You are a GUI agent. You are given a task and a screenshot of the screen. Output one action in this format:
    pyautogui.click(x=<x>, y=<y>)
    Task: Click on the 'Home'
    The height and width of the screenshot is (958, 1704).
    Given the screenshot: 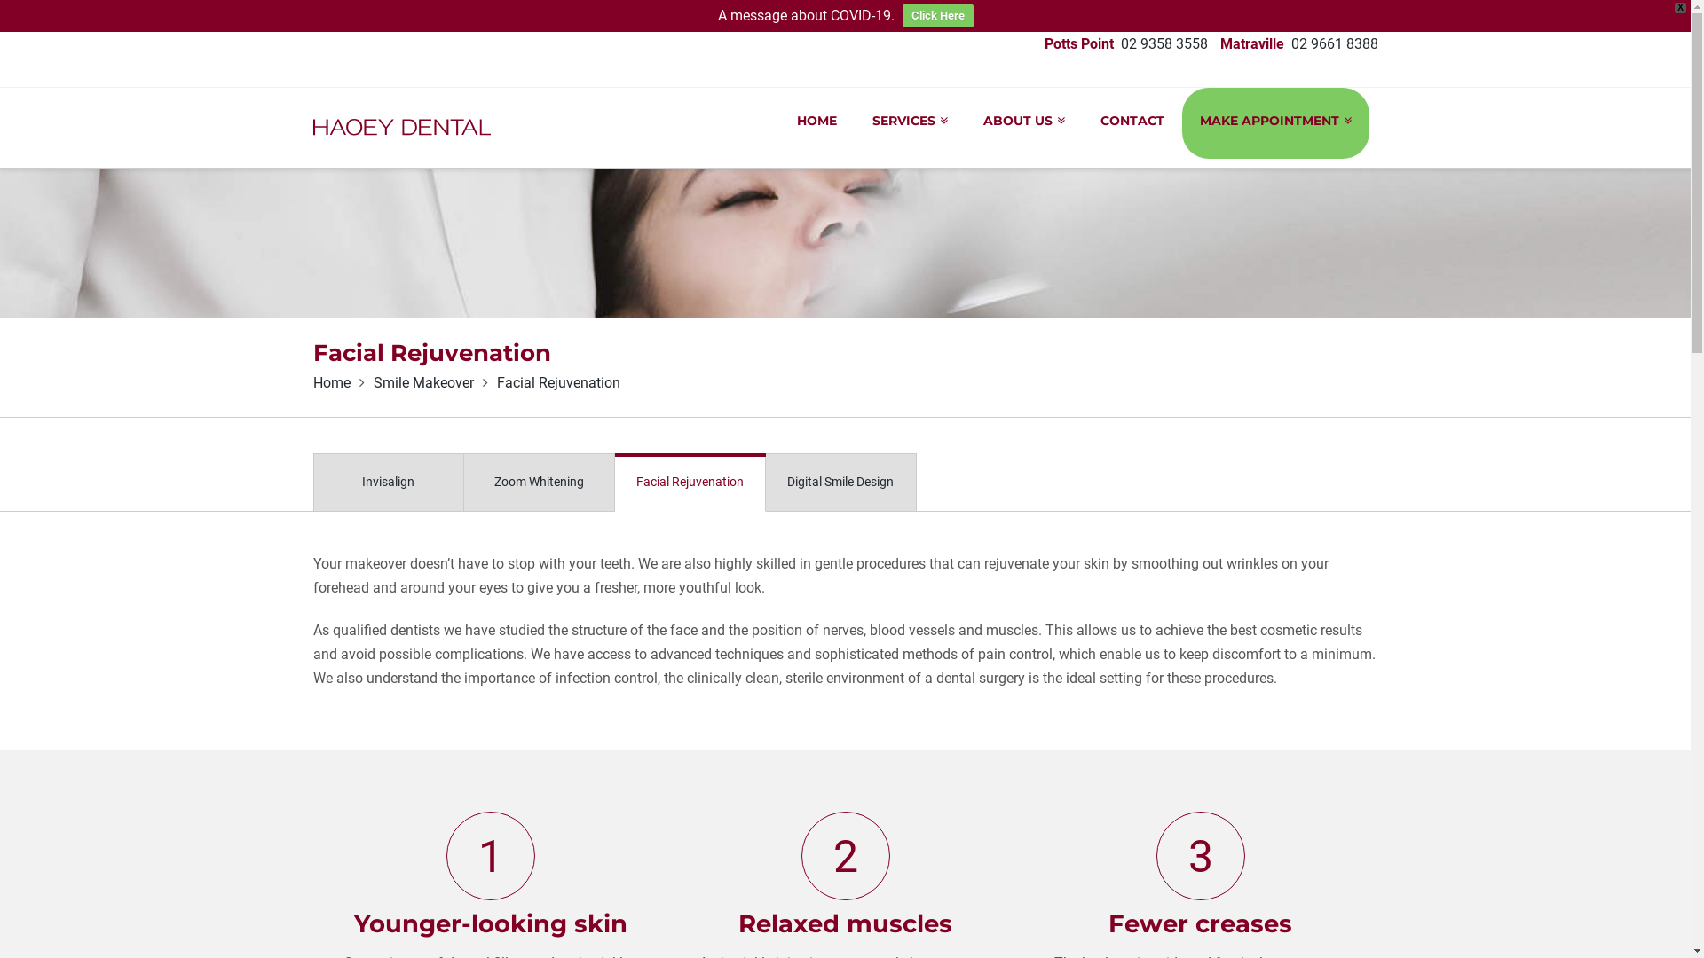 What is the action you would take?
    pyautogui.click(x=331, y=381)
    